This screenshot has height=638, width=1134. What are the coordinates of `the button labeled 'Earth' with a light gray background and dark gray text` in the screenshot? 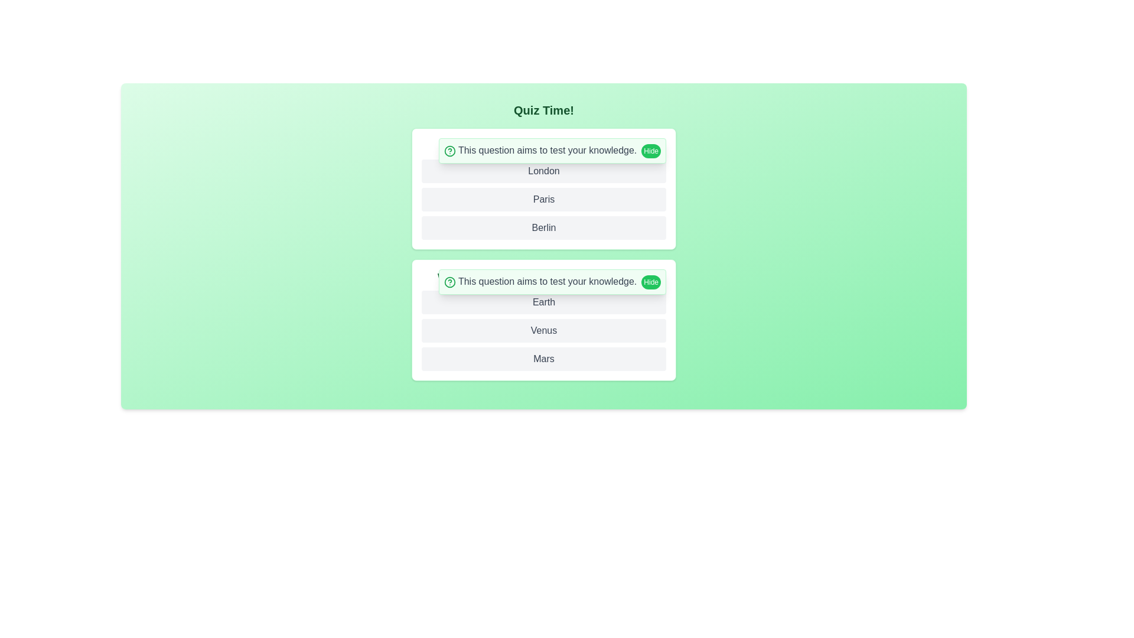 It's located at (543, 302).